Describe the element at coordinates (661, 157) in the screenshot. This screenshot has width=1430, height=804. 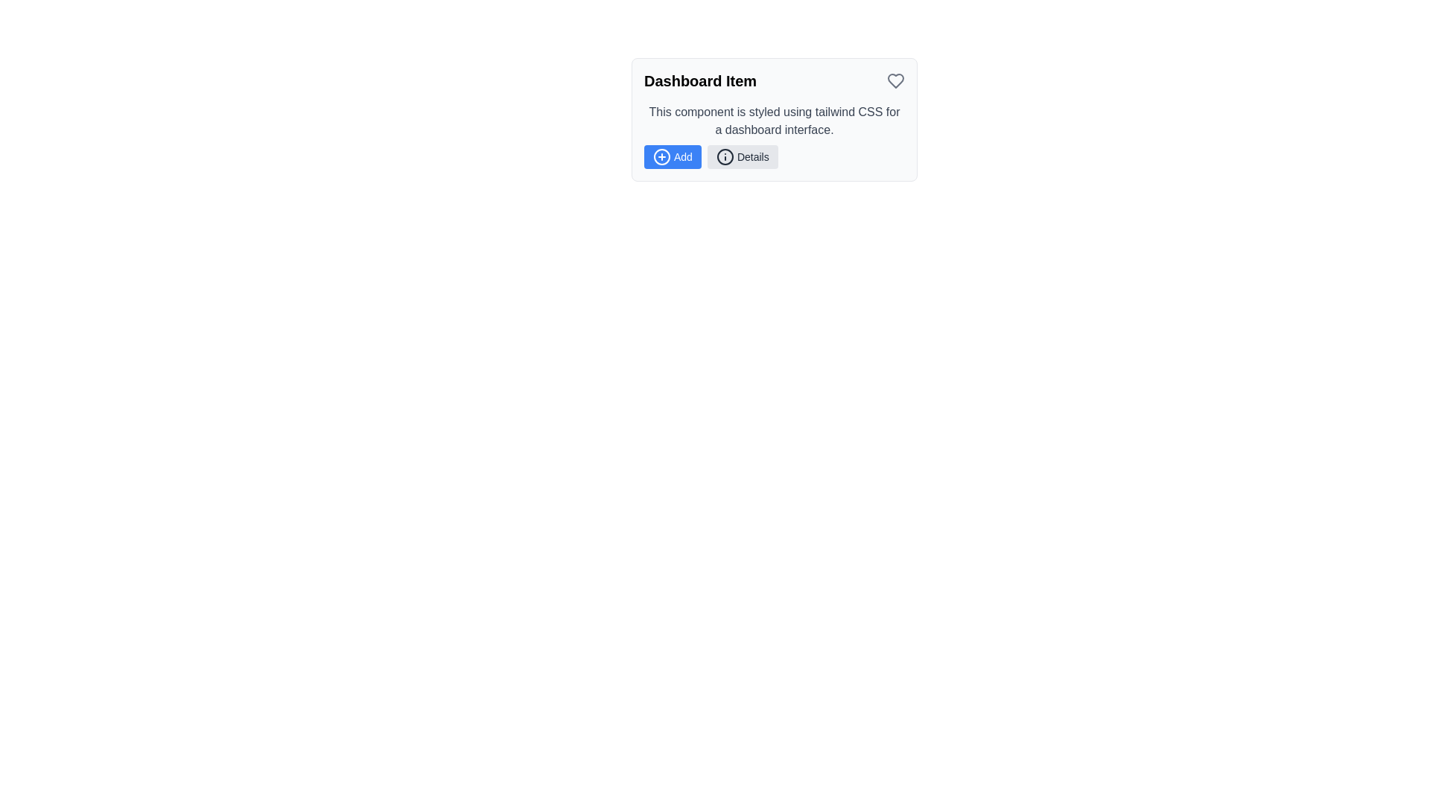
I see `the outermost circular part of the graphical representation of the 'Add' button, which is a blue stroke circle with a white fill, located below the text 'Dashboard Item'` at that location.